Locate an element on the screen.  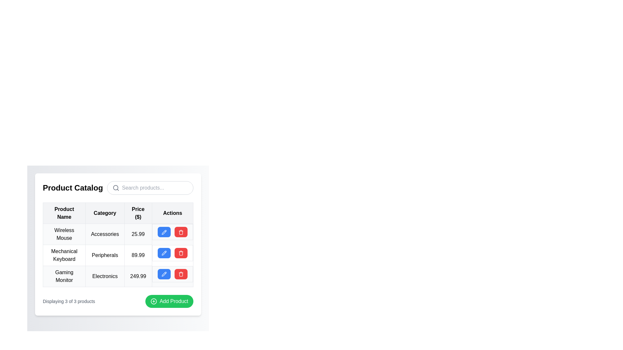
the delete button located in the Actions column of the last row in the table is located at coordinates (181, 274).